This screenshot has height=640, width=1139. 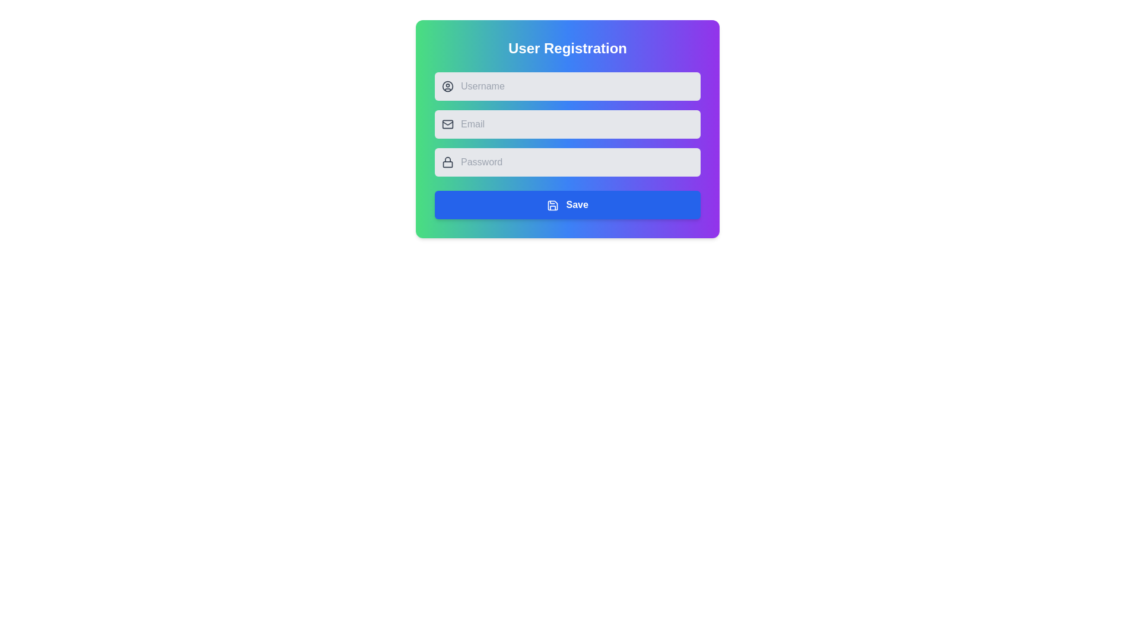 I want to click on the lock icon that indicates the password input field, which is positioned to the left of the password text field in the user registration section, so click(x=447, y=162).